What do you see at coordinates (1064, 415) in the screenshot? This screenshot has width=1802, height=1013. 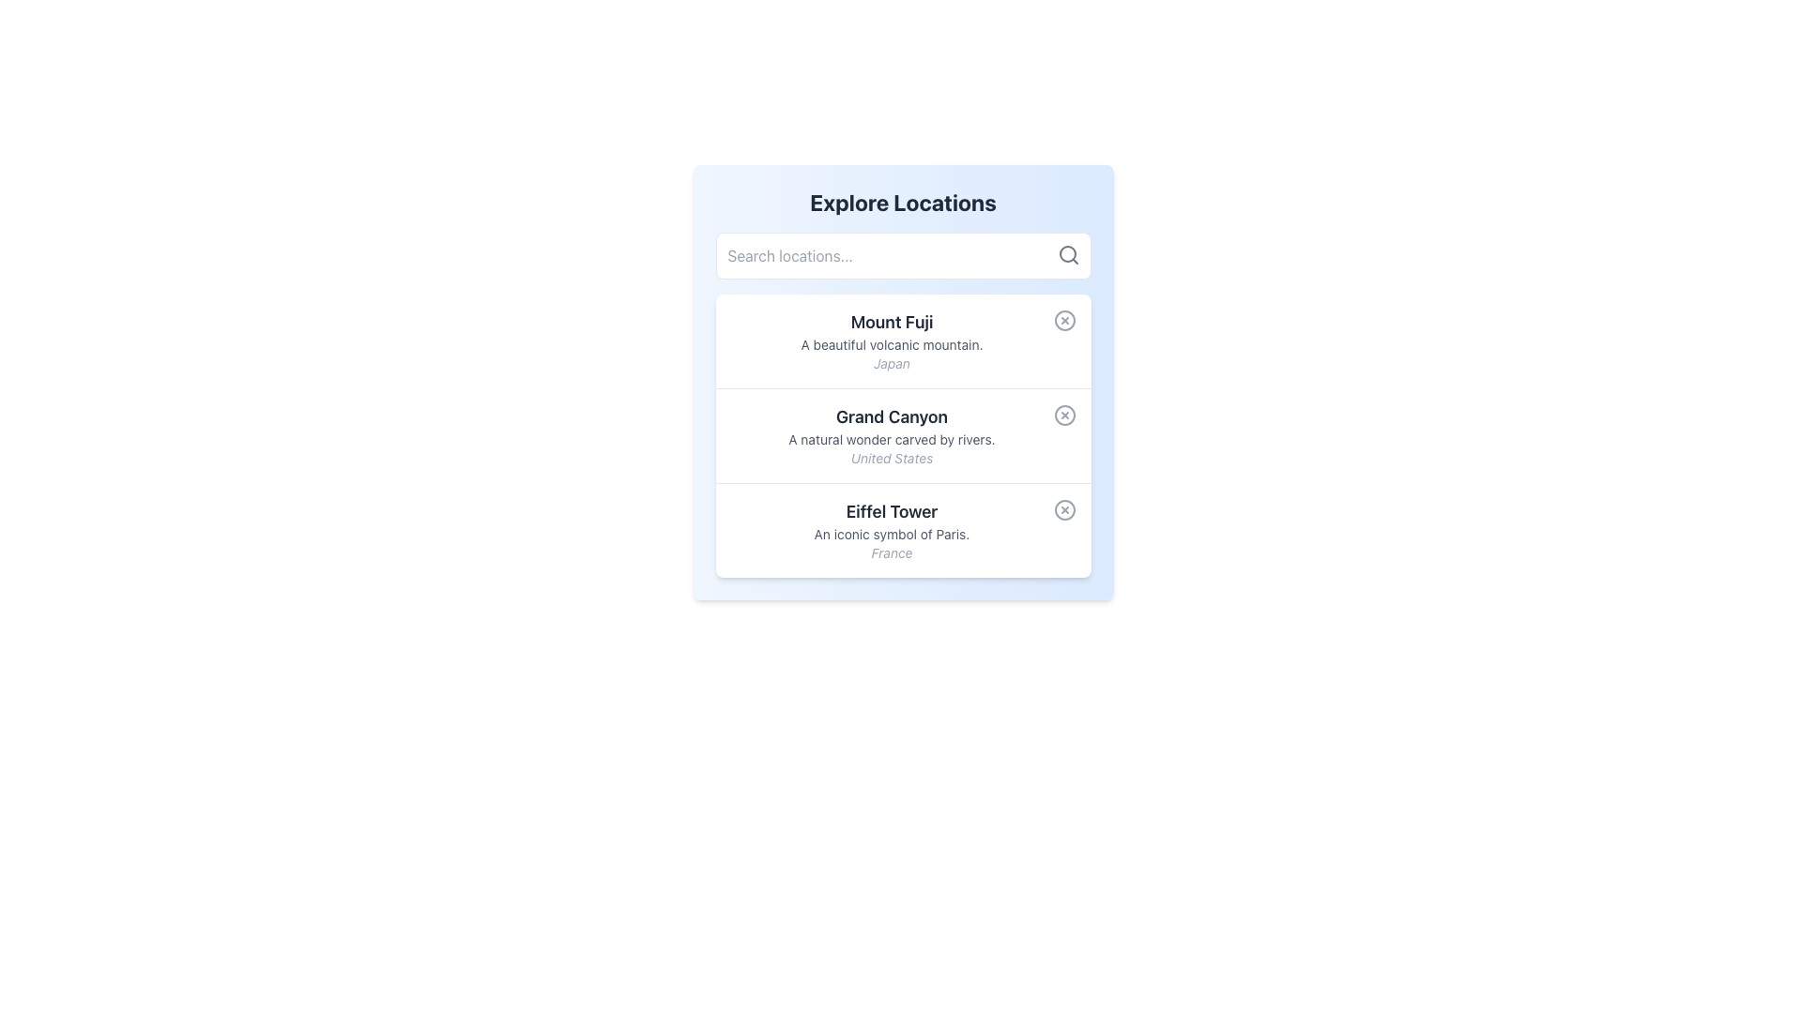 I see `the removal button located at the far right of the row associated with the 'Grand Canyon' entry in the list` at bounding box center [1064, 415].